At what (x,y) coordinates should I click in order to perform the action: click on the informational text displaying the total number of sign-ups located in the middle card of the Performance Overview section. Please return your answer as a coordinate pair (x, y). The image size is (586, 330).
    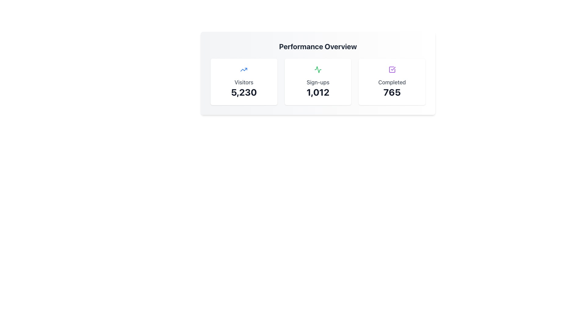
    Looking at the image, I should click on (317, 92).